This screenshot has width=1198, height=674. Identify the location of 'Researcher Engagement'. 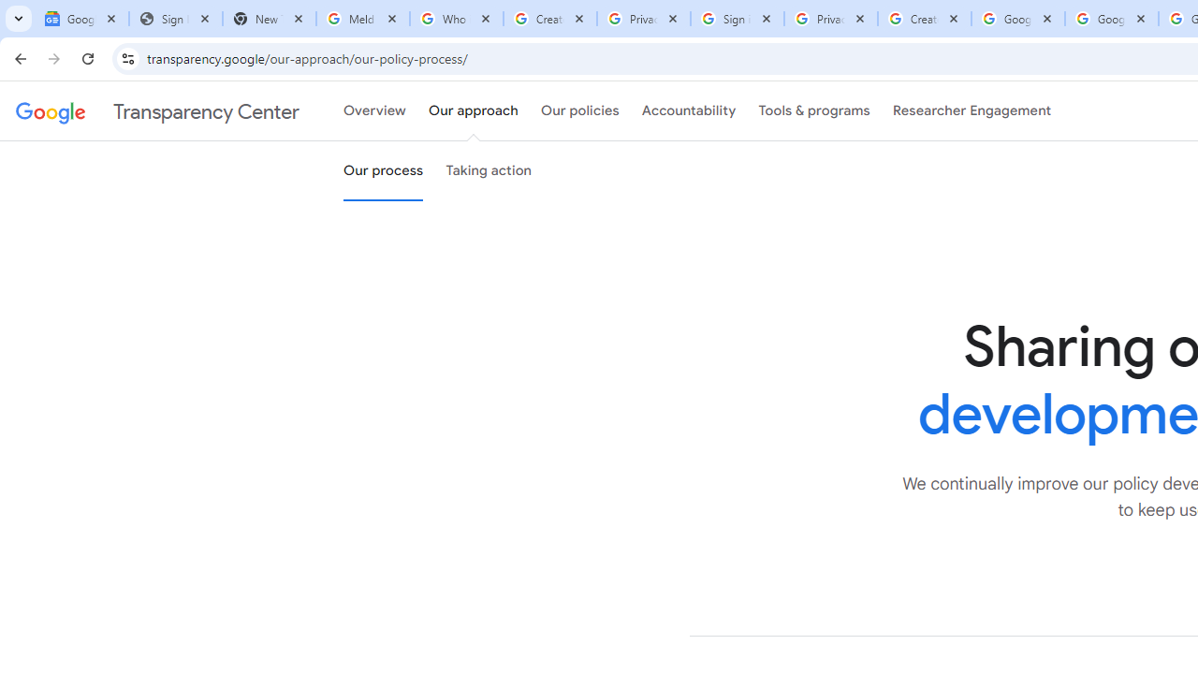
(972, 111).